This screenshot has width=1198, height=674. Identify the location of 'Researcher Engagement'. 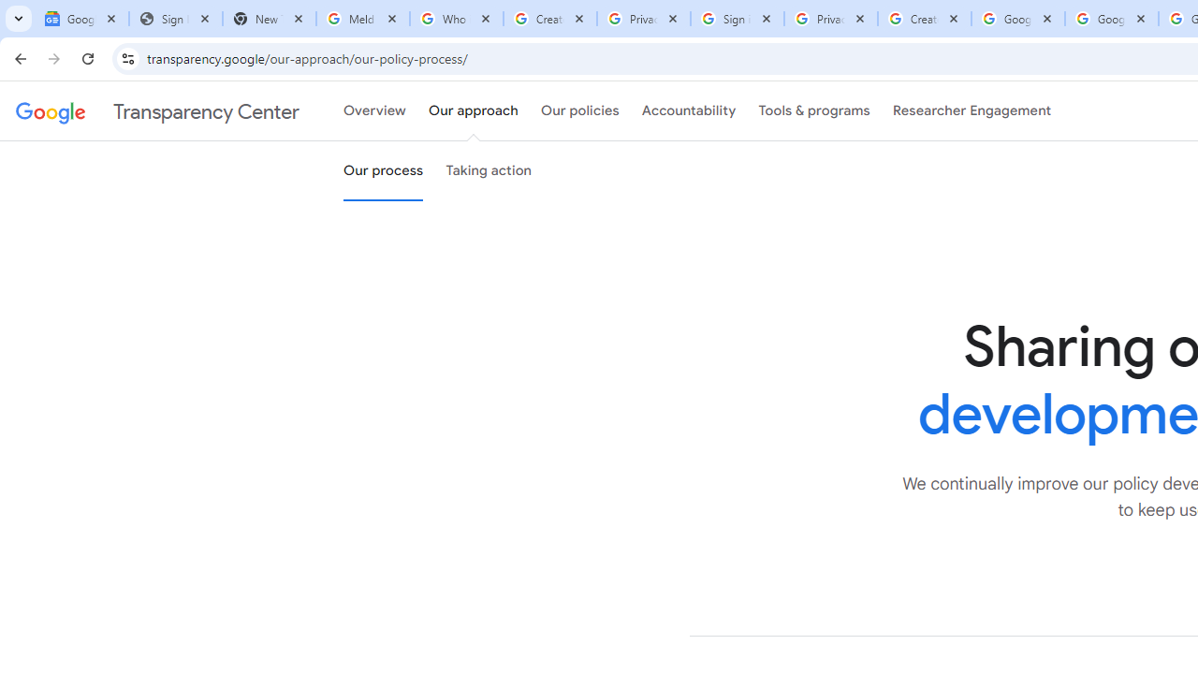
(972, 111).